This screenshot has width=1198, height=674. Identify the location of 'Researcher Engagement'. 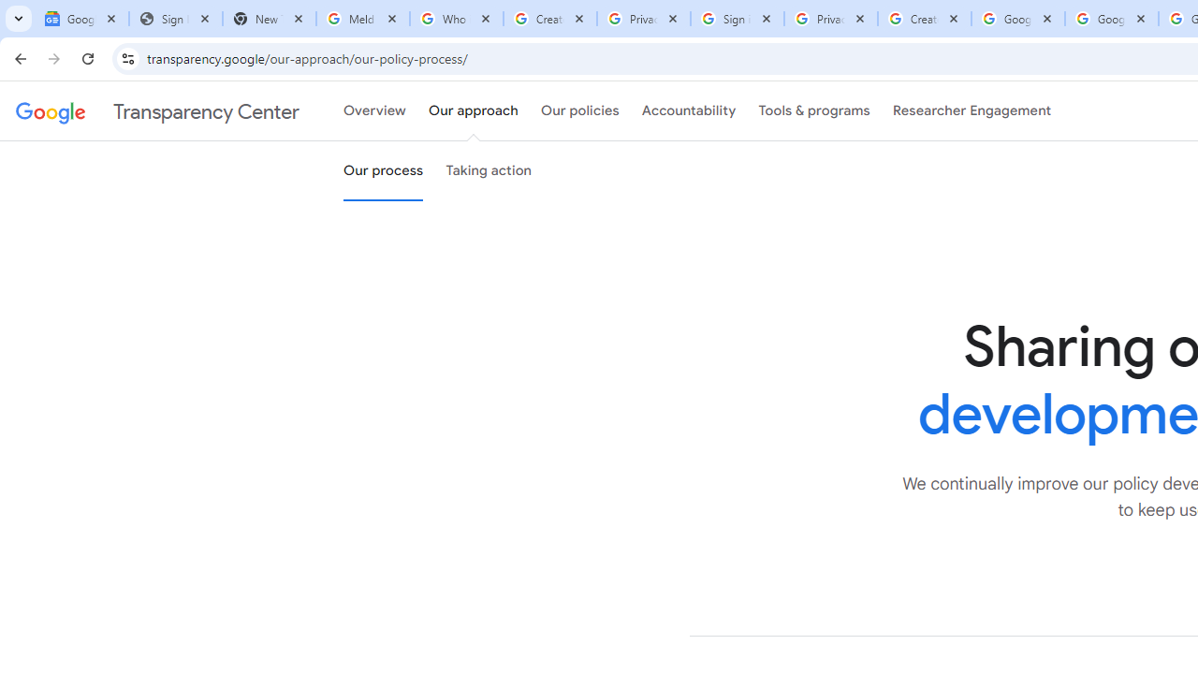
(972, 111).